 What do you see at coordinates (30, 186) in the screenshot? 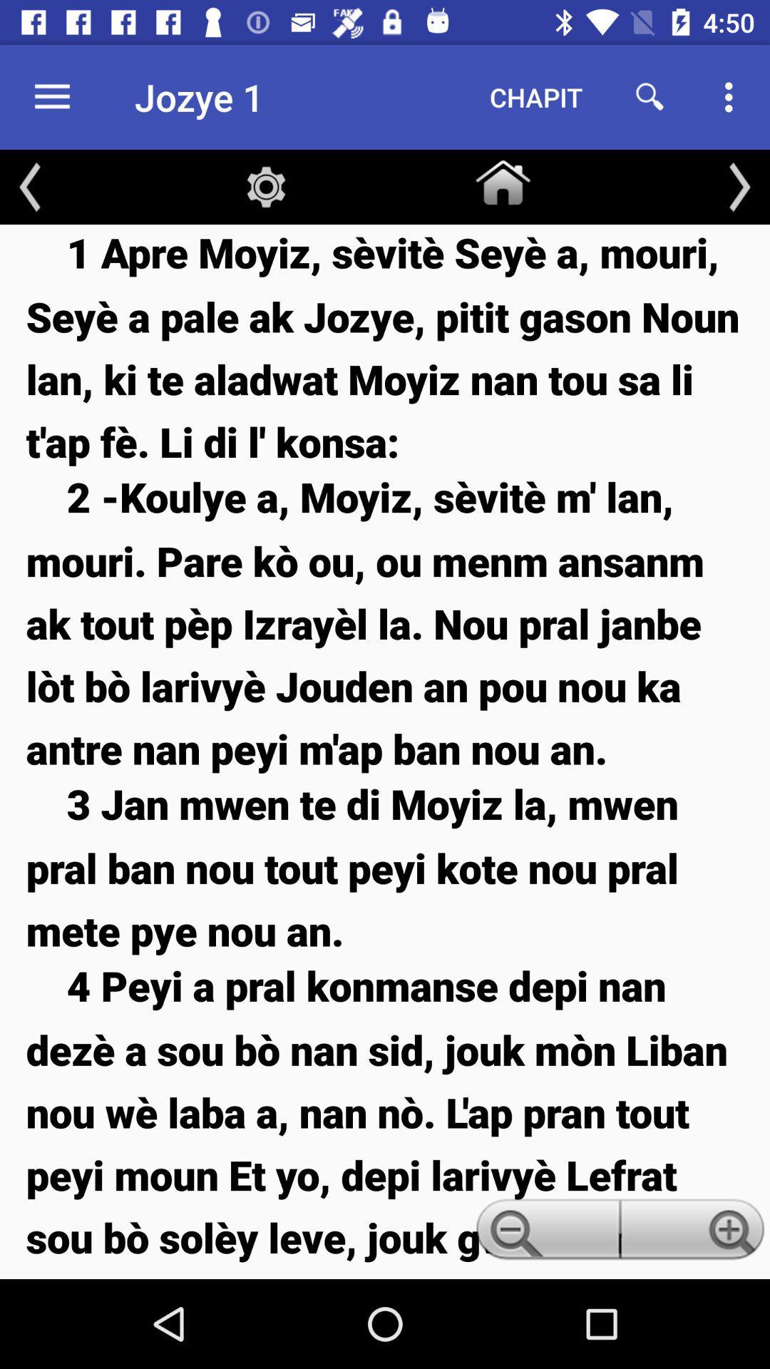
I see `the arrow_backward icon` at bounding box center [30, 186].